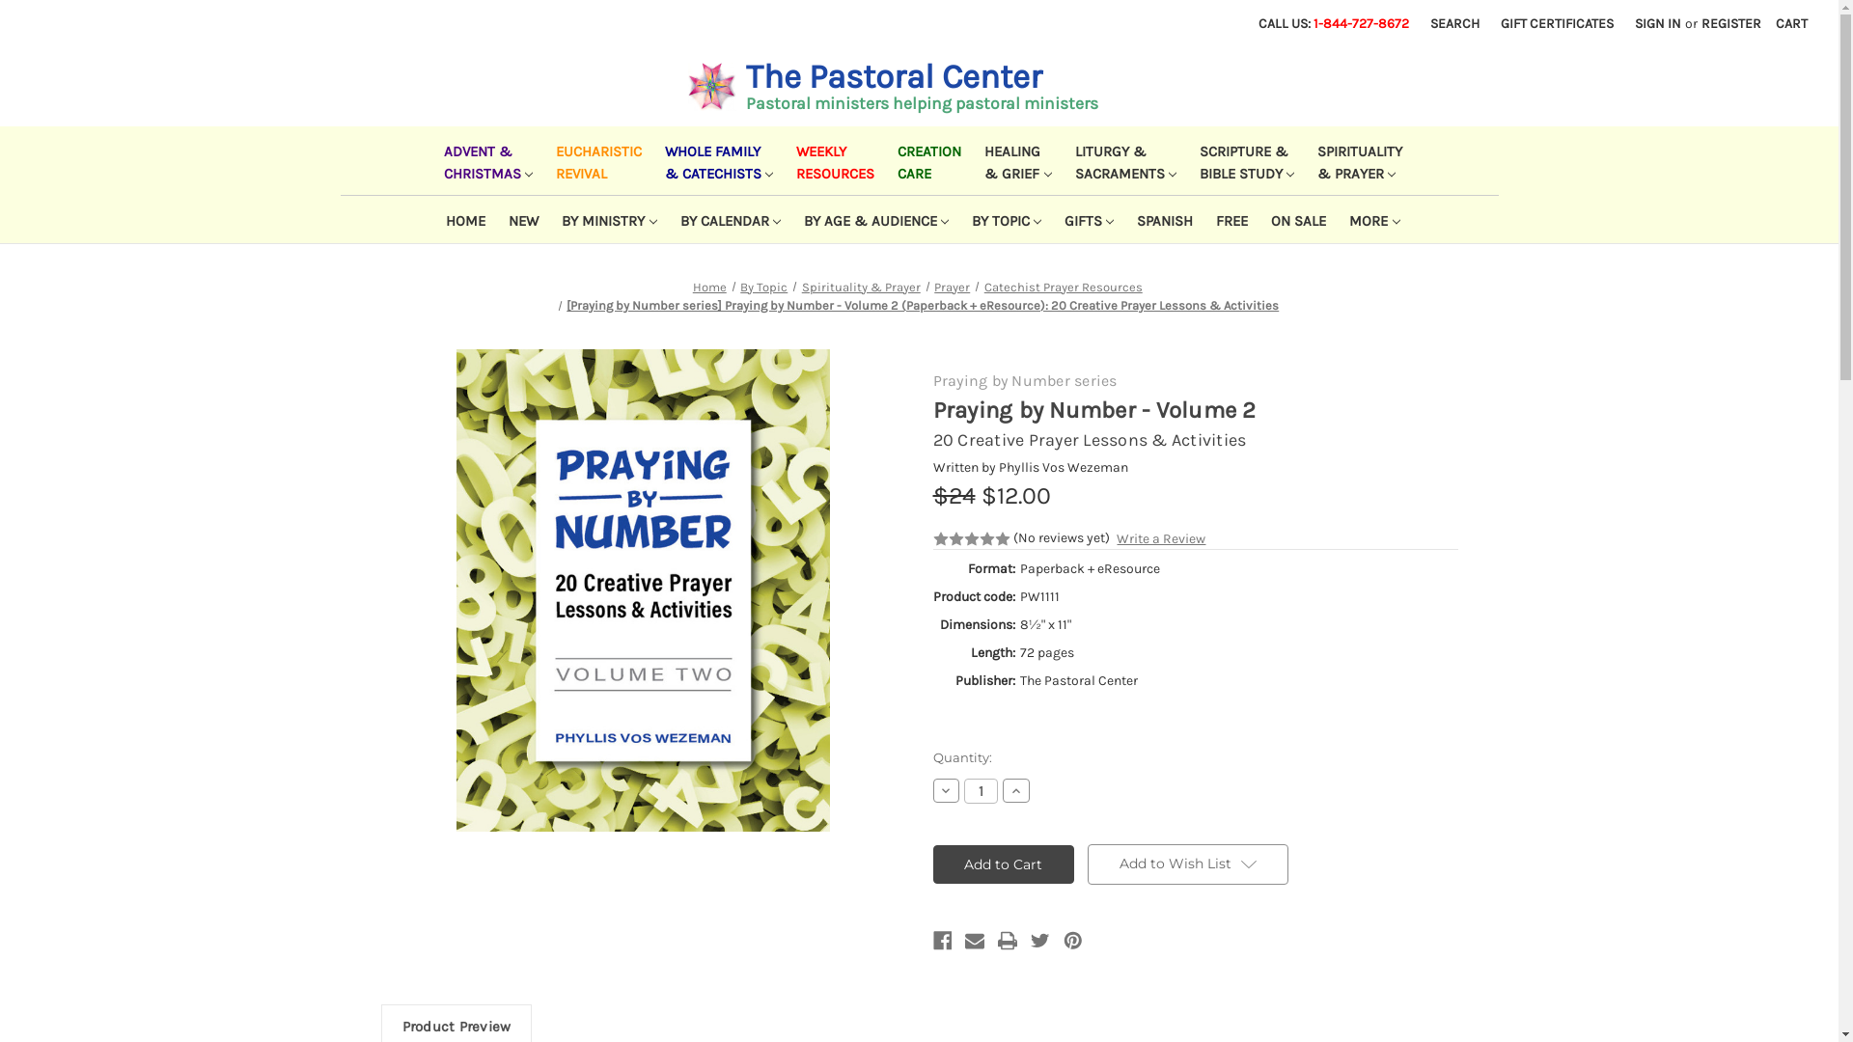  Describe the element at coordinates (1002, 789) in the screenshot. I see `'Increase Quantity:'` at that location.